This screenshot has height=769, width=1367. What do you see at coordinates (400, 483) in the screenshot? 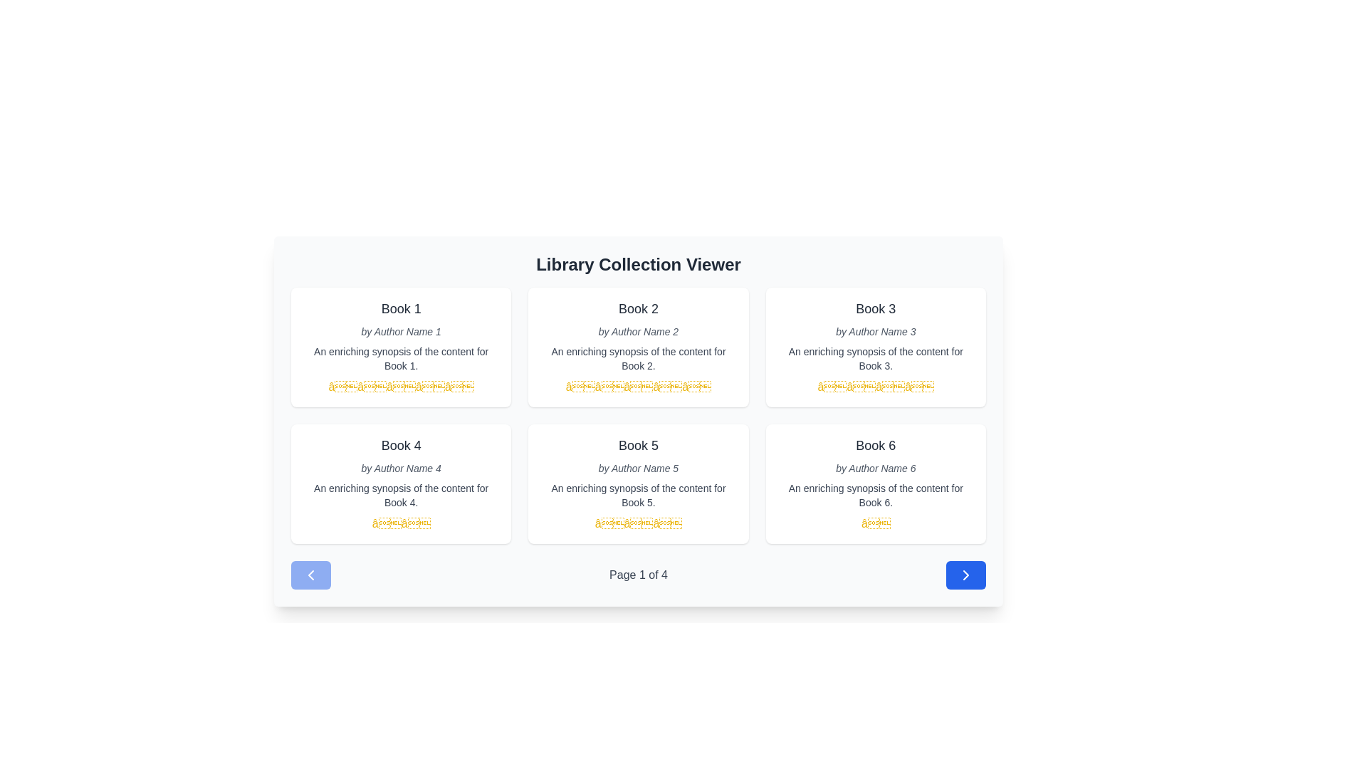
I see `the fourth Card element in the grid layout, which has a white background, rounded corners, and contains the title 'Book 4'` at bounding box center [400, 483].